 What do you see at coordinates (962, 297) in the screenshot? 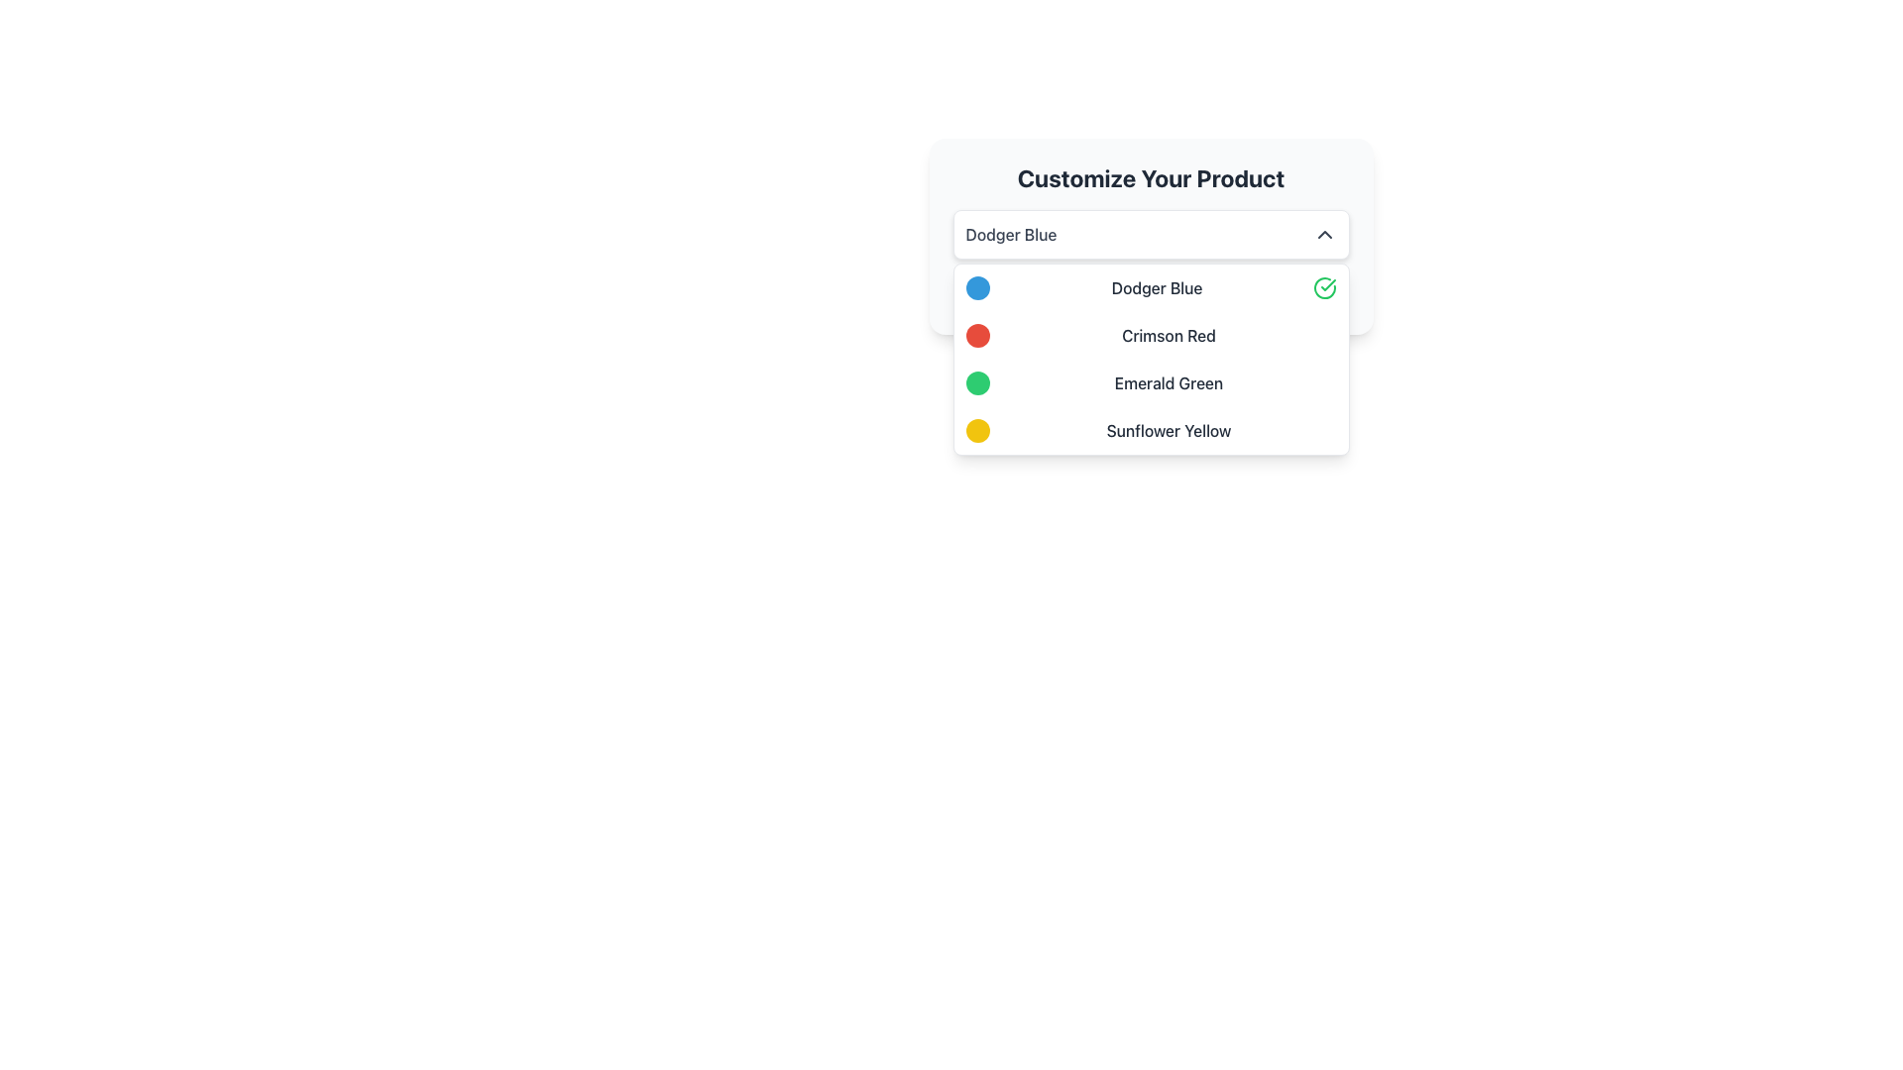
I see `the eye icon located to the left of the 'Dodger Blue' text` at bounding box center [962, 297].